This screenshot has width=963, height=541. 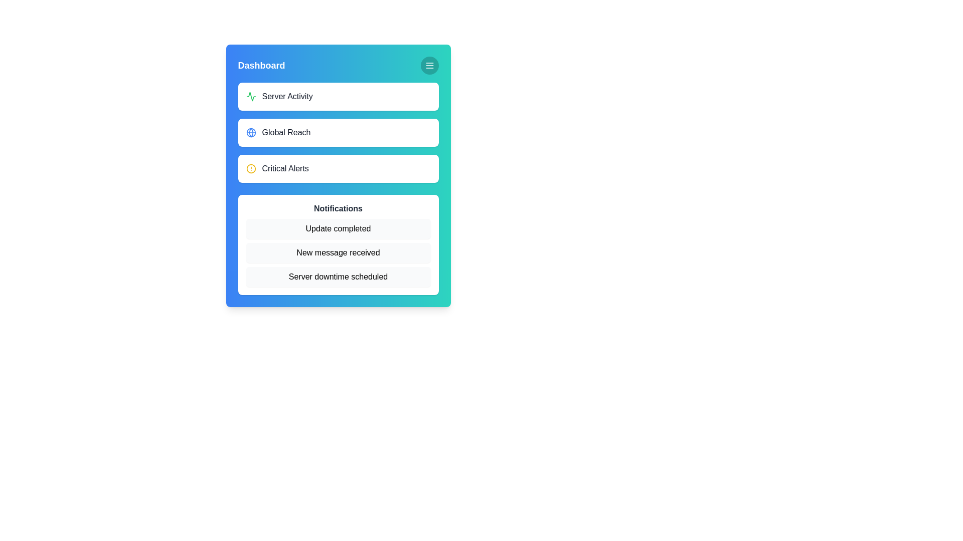 What do you see at coordinates (429, 66) in the screenshot?
I see `the menu toggle icon button located at the top-right corner of the 'Dashboard' section` at bounding box center [429, 66].